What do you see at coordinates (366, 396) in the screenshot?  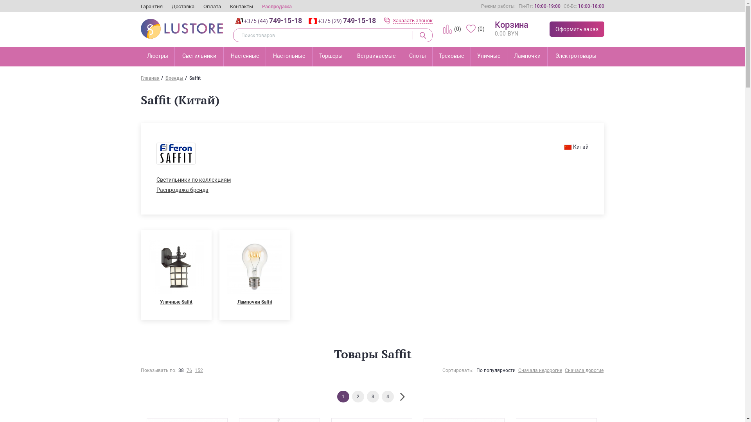 I see `'3'` at bounding box center [366, 396].